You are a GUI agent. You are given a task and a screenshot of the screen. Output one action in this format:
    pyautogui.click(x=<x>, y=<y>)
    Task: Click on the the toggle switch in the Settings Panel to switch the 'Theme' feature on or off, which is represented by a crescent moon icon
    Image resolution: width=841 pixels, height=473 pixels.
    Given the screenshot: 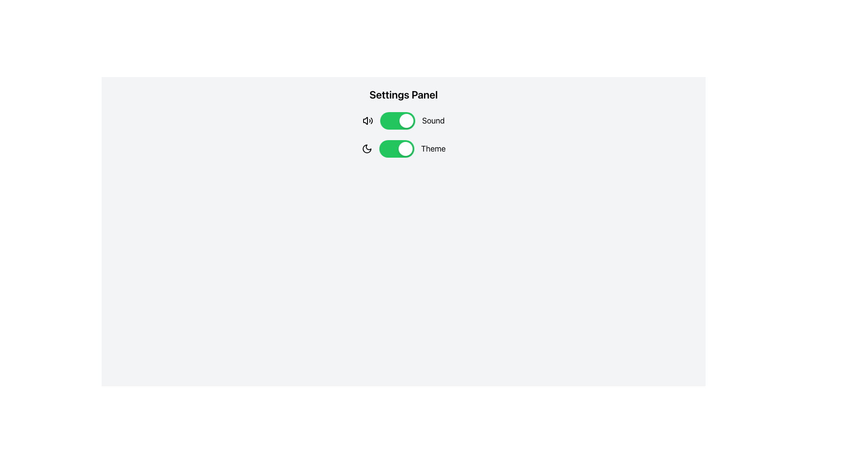 What is the action you would take?
    pyautogui.click(x=403, y=148)
    